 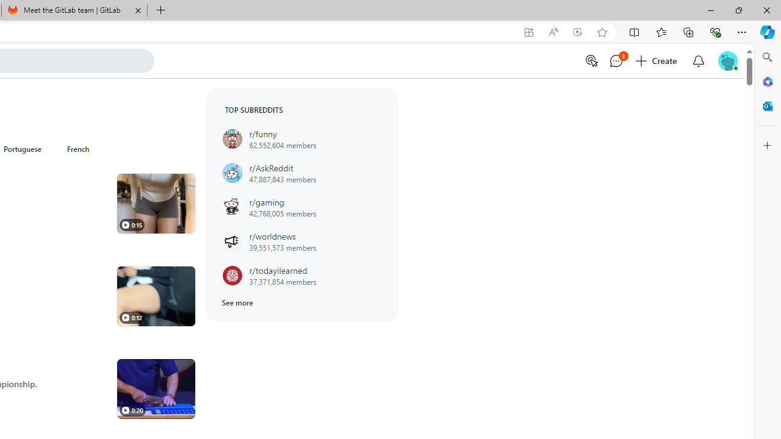 What do you see at coordinates (232, 241) in the screenshot?
I see `'r/worldnews icon'` at bounding box center [232, 241].